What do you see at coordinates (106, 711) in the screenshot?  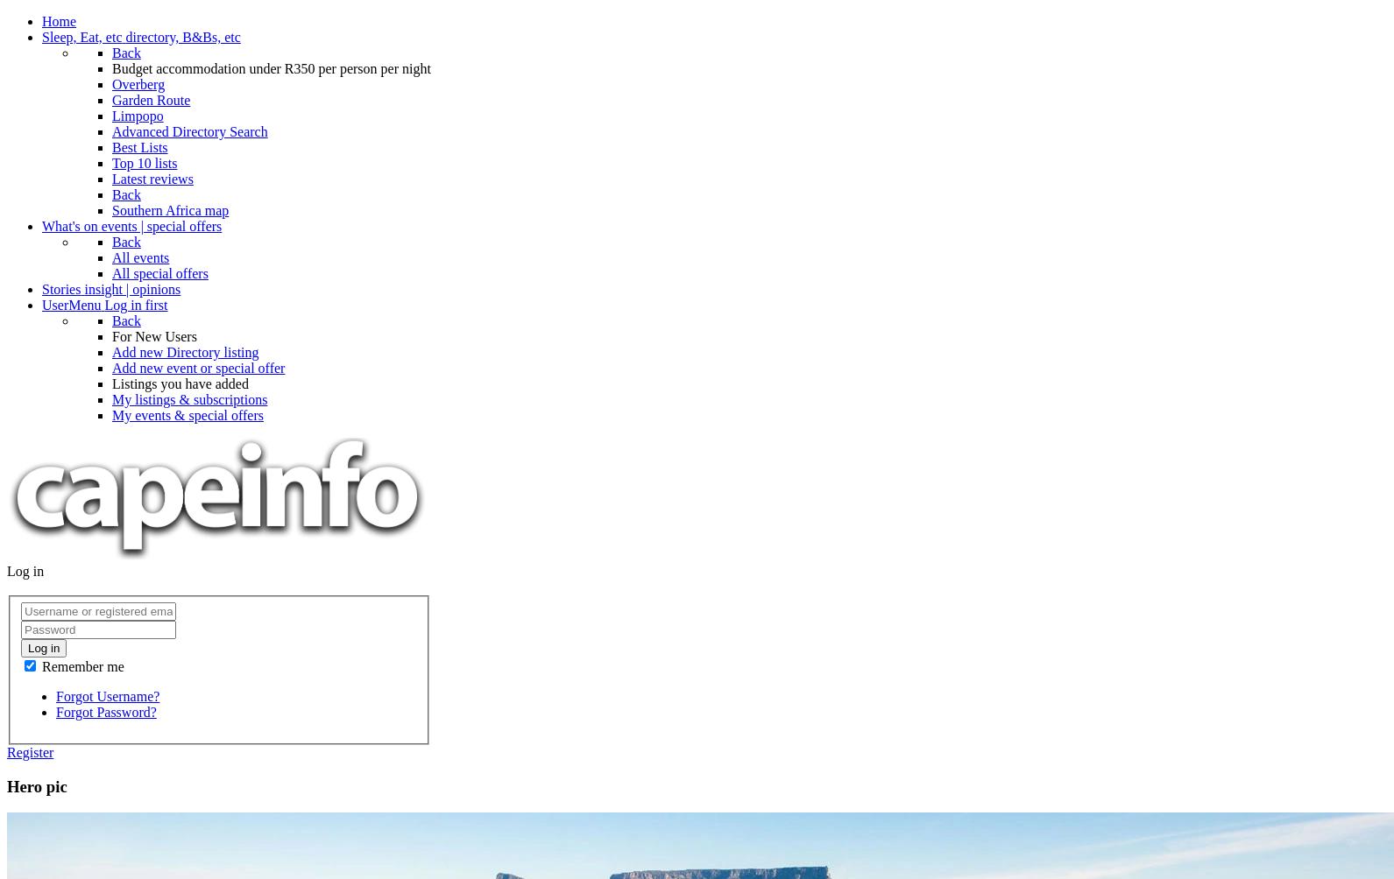 I see `'Forgot Password?'` at bounding box center [106, 711].